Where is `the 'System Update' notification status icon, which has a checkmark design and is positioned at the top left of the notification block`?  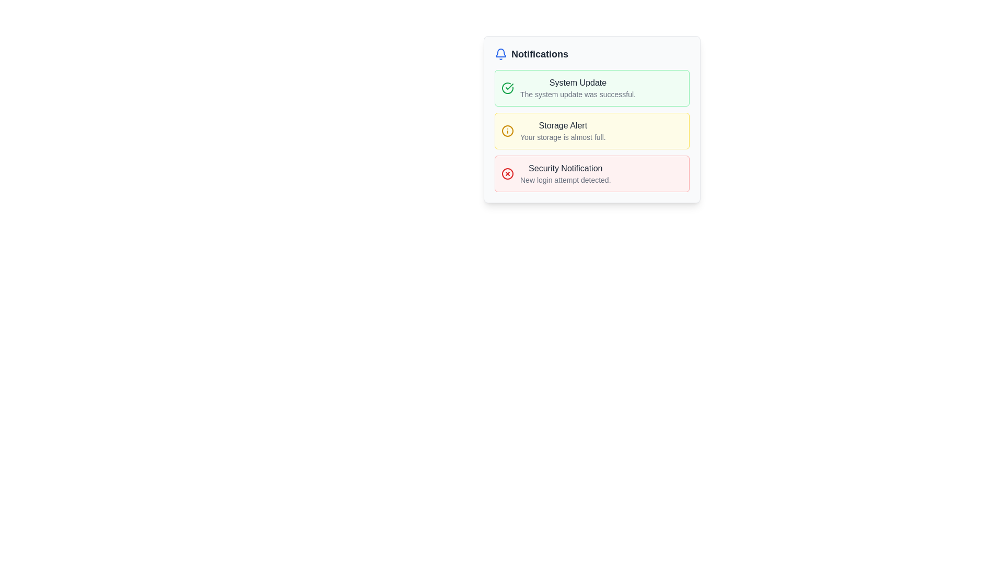
the 'System Update' notification status icon, which has a checkmark design and is positioned at the top left of the notification block is located at coordinates (507, 88).